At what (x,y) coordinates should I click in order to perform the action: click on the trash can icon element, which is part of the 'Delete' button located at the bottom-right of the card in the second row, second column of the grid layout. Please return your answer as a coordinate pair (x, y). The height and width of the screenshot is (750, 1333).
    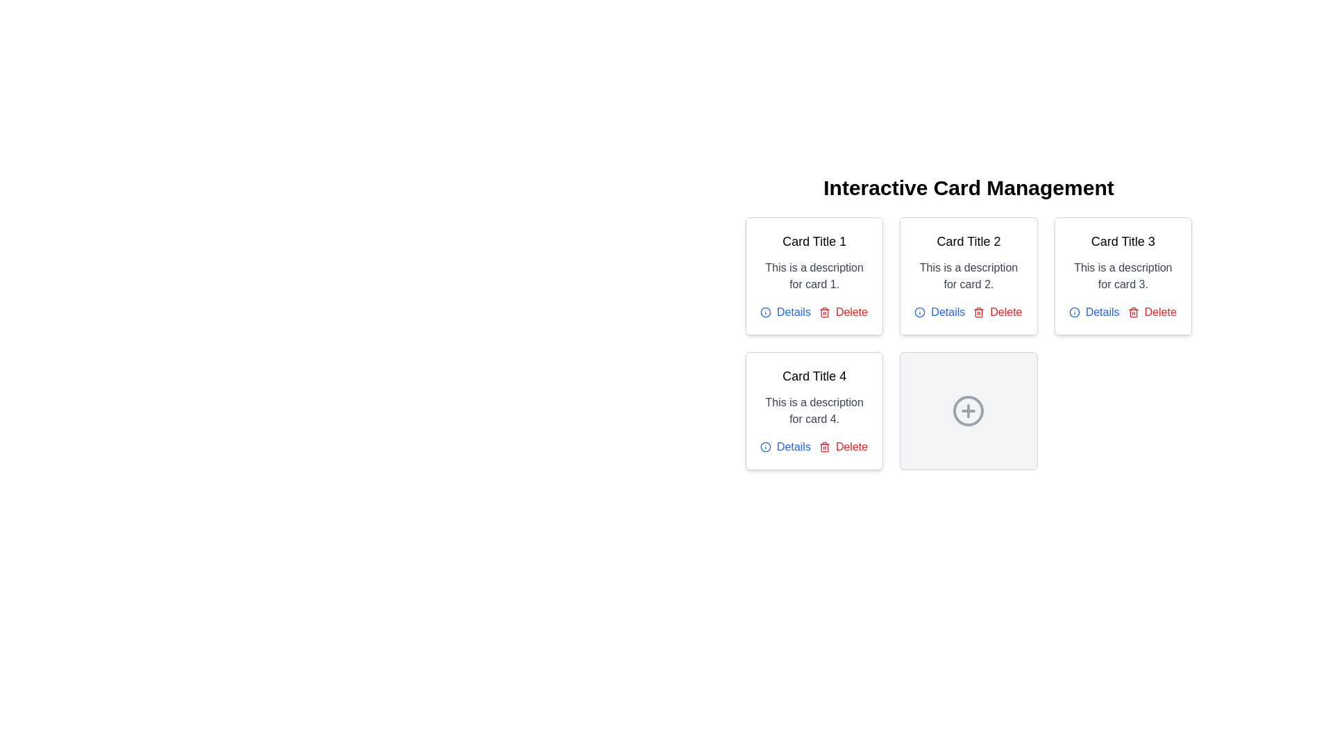
    Looking at the image, I should click on (1133, 313).